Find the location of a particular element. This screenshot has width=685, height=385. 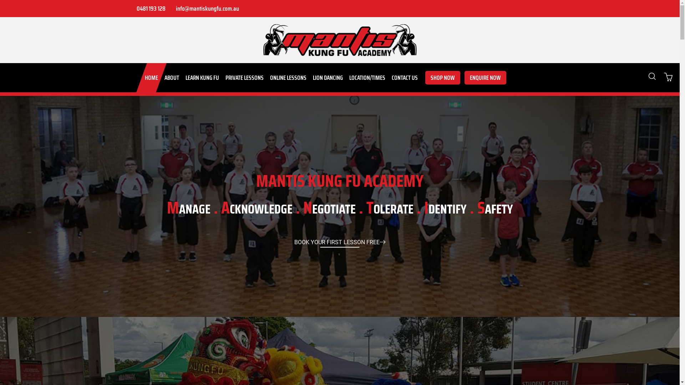

'SHOP NOW' is located at coordinates (442, 78).